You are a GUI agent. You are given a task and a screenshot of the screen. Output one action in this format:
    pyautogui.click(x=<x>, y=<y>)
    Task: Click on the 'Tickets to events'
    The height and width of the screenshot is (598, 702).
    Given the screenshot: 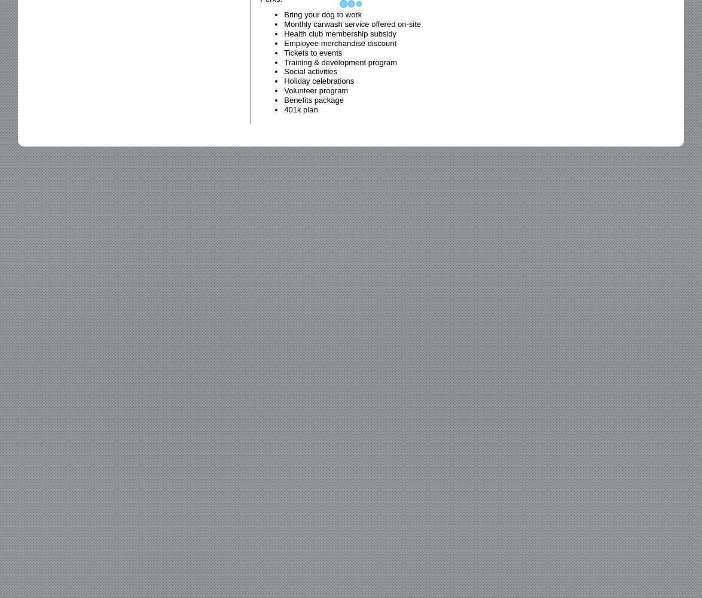 What is the action you would take?
    pyautogui.click(x=312, y=51)
    